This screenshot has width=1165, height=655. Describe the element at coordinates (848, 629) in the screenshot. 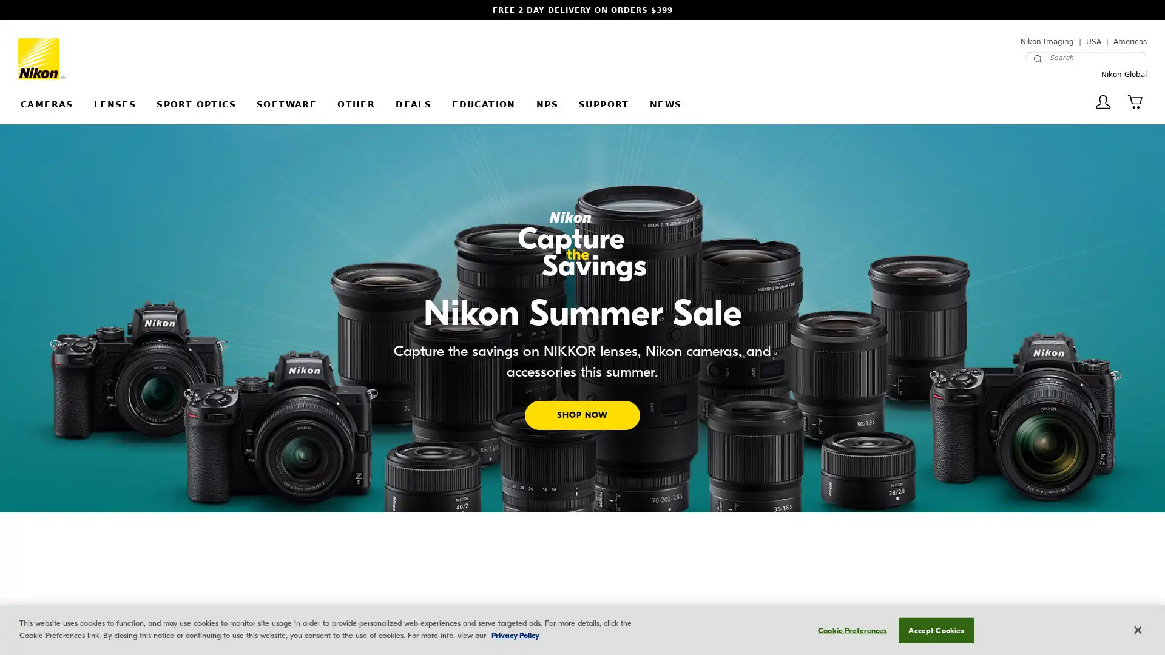

I see `Cookie Preferences` at that location.